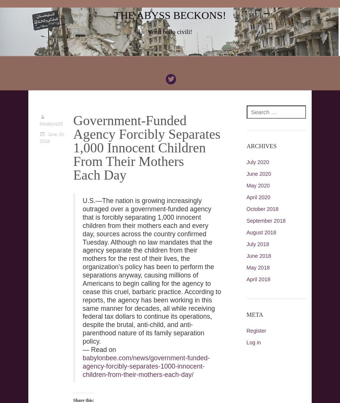 Image resolution: width=340 pixels, height=403 pixels. Describe the element at coordinates (257, 185) in the screenshot. I see `'May 2020'` at that location.